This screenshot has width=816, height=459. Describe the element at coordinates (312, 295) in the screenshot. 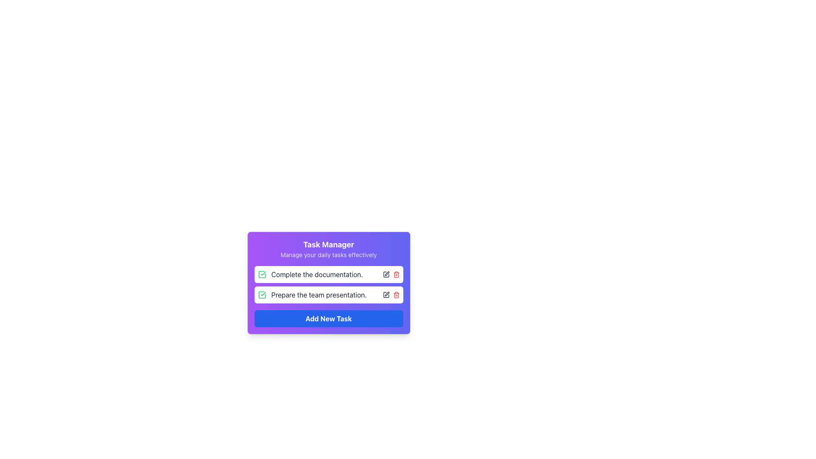

I see `the task display label that is the second item in the vertical list of tasks` at that location.